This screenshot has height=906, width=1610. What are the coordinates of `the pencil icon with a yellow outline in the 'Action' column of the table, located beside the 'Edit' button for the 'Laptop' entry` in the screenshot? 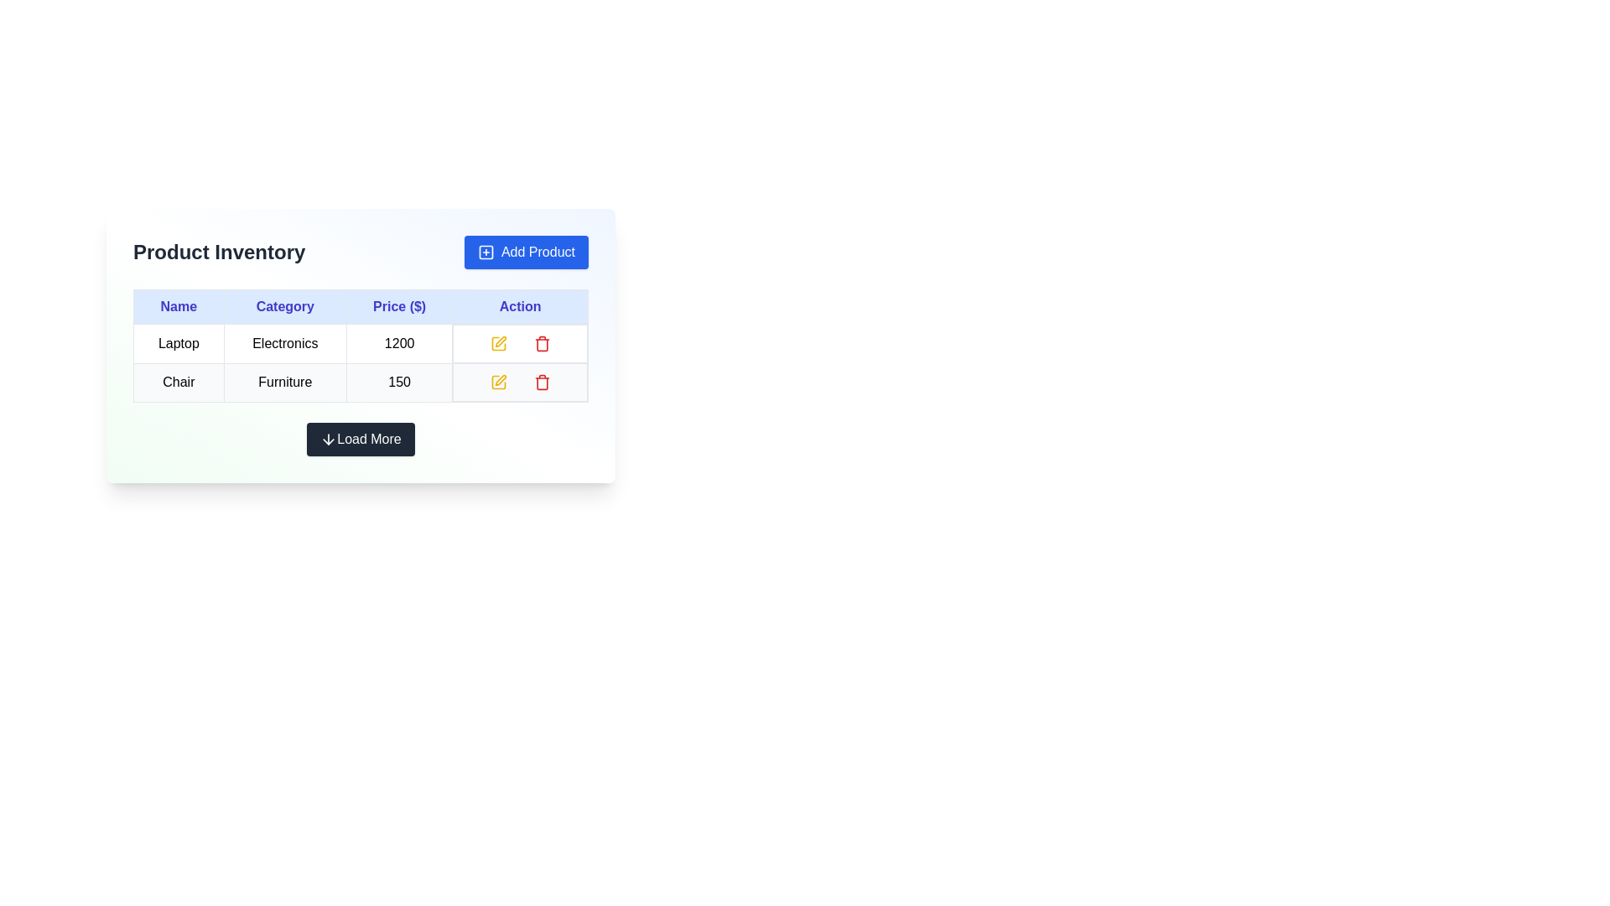 It's located at (500, 341).